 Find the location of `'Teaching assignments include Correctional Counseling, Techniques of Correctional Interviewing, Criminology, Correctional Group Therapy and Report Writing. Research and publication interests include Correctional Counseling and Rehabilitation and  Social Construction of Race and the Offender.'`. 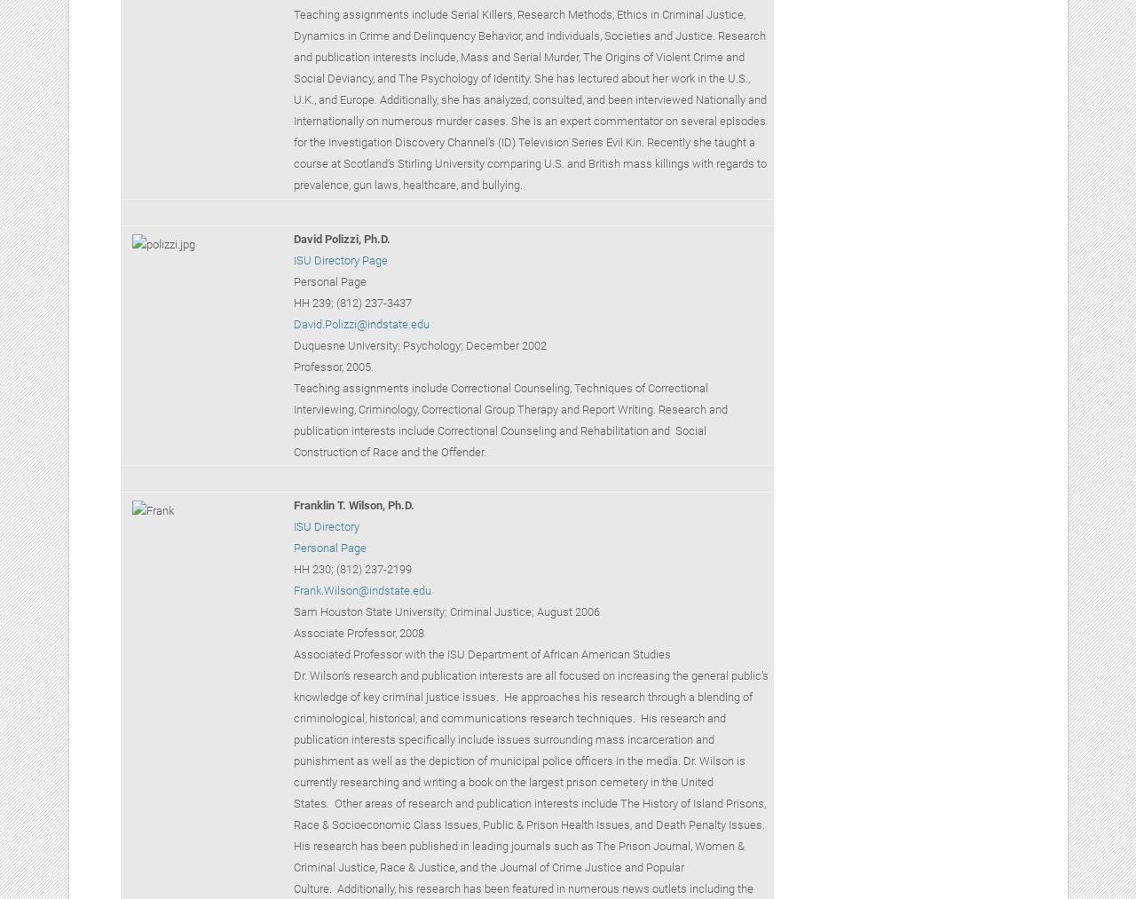

'Teaching assignments include Correctional Counseling, Techniques of Correctional Interviewing, Criminology, Correctional Group Therapy and Report Writing. Research and publication interests include Correctional Counseling and Rehabilitation and  Social Construction of Race and the Offender.' is located at coordinates (509, 418).